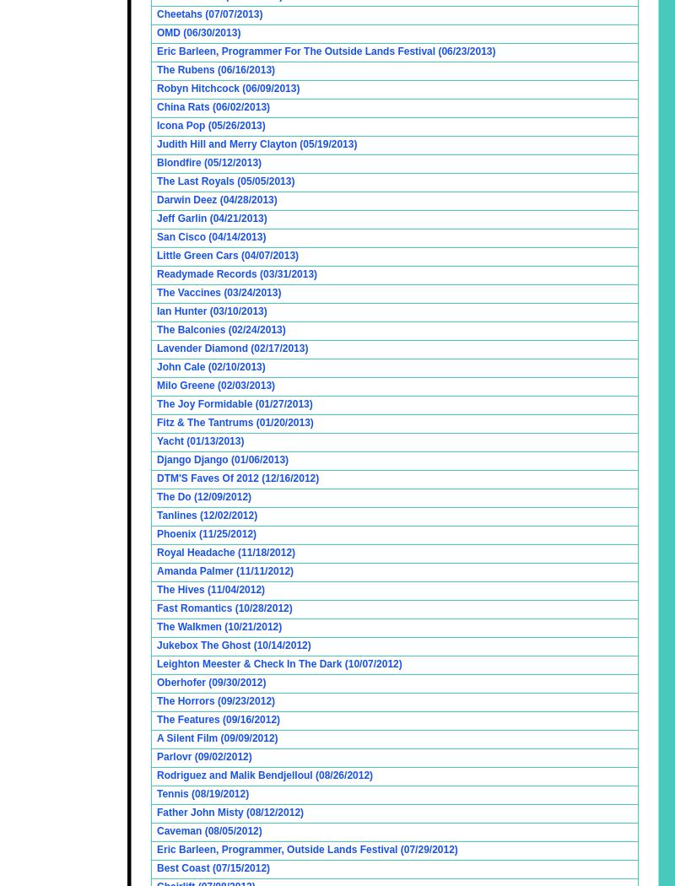  Describe the element at coordinates (234, 646) in the screenshot. I see `'Jukebox The Ghost (10/14/2012)'` at that location.